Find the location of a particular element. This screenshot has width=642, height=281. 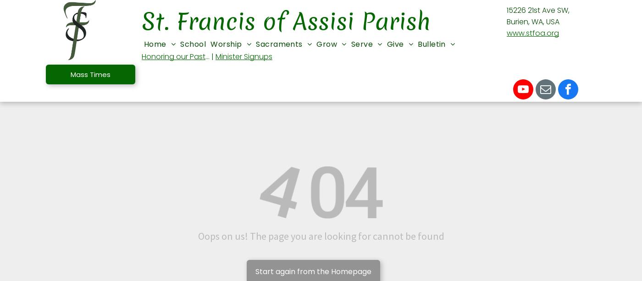

'Finance Council' is located at coordinates (531, 133).